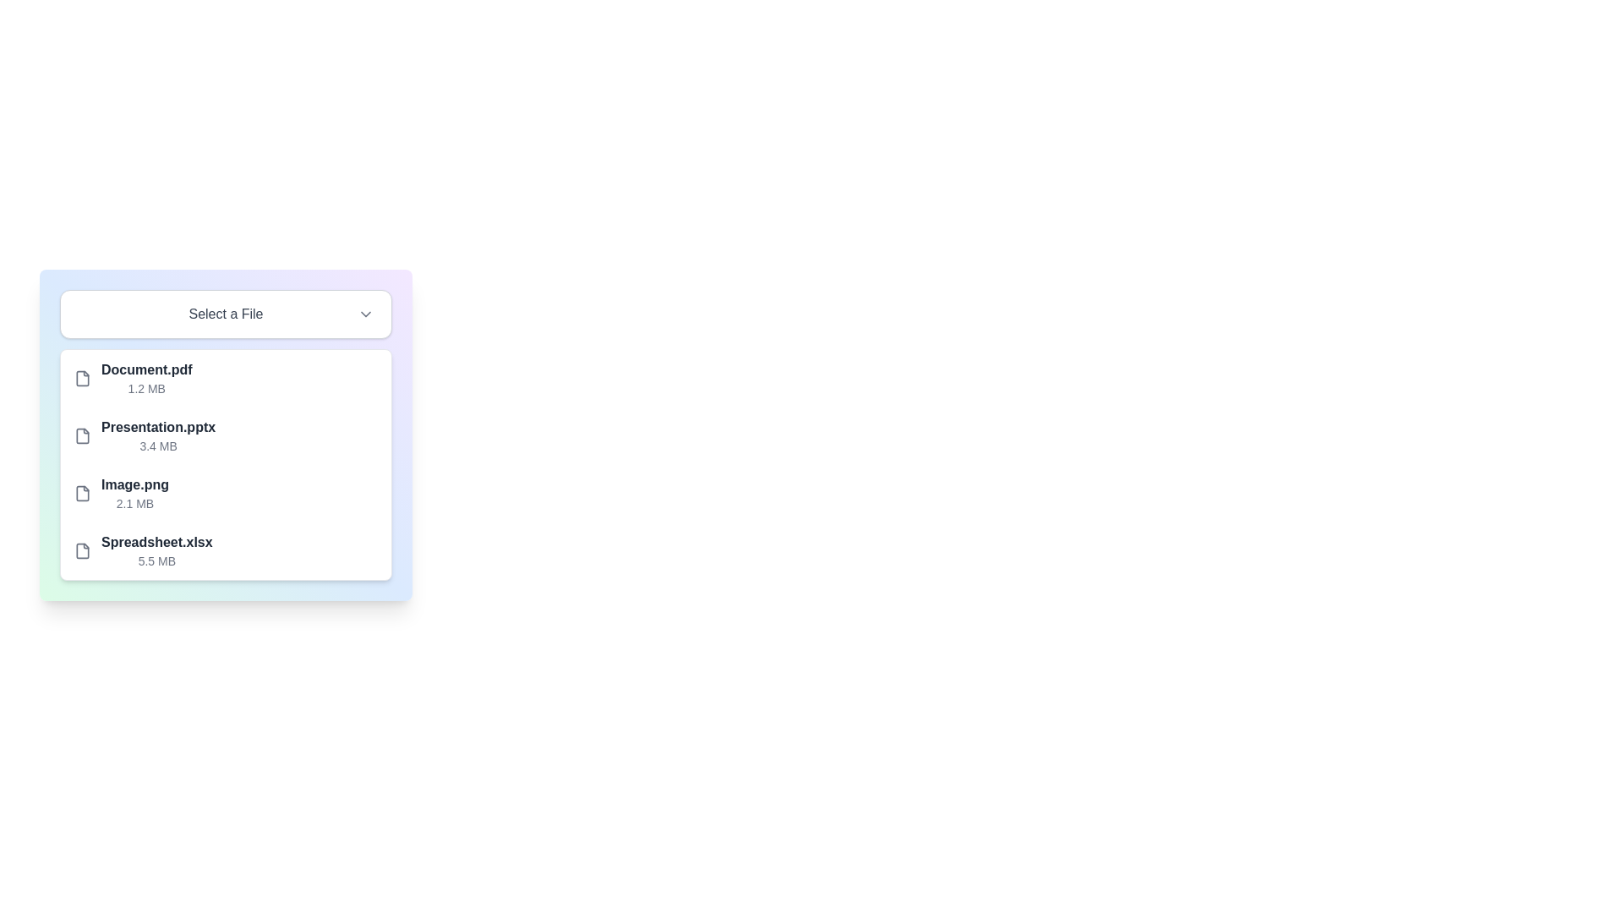 Image resolution: width=1623 pixels, height=913 pixels. Describe the element at coordinates (81, 377) in the screenshot. I see `the sleek gray vector icon shaped like a stylized document with a folded corner, positioned to the left of the 'Document.pdf' file item in the file list interface` at that location.